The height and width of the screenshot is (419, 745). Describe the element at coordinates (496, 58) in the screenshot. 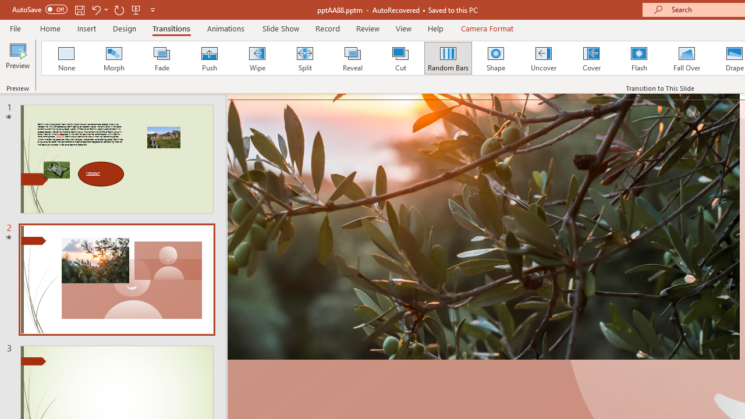

I see `'Shape'` at that location.